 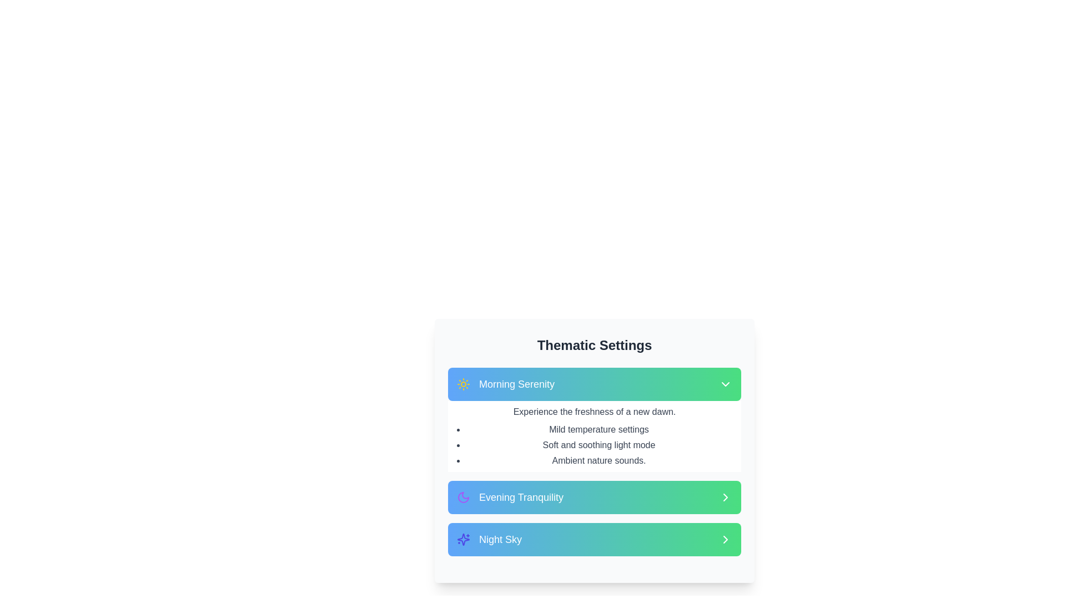 What do you see at coordinates (464, 539) in the screenshot?
I see `the star-shaped icon inside the 'Night Sky' button, which is styled in blue with sparkles and is the third button in the vertical list of theme options` at bounding box center [464, 539].